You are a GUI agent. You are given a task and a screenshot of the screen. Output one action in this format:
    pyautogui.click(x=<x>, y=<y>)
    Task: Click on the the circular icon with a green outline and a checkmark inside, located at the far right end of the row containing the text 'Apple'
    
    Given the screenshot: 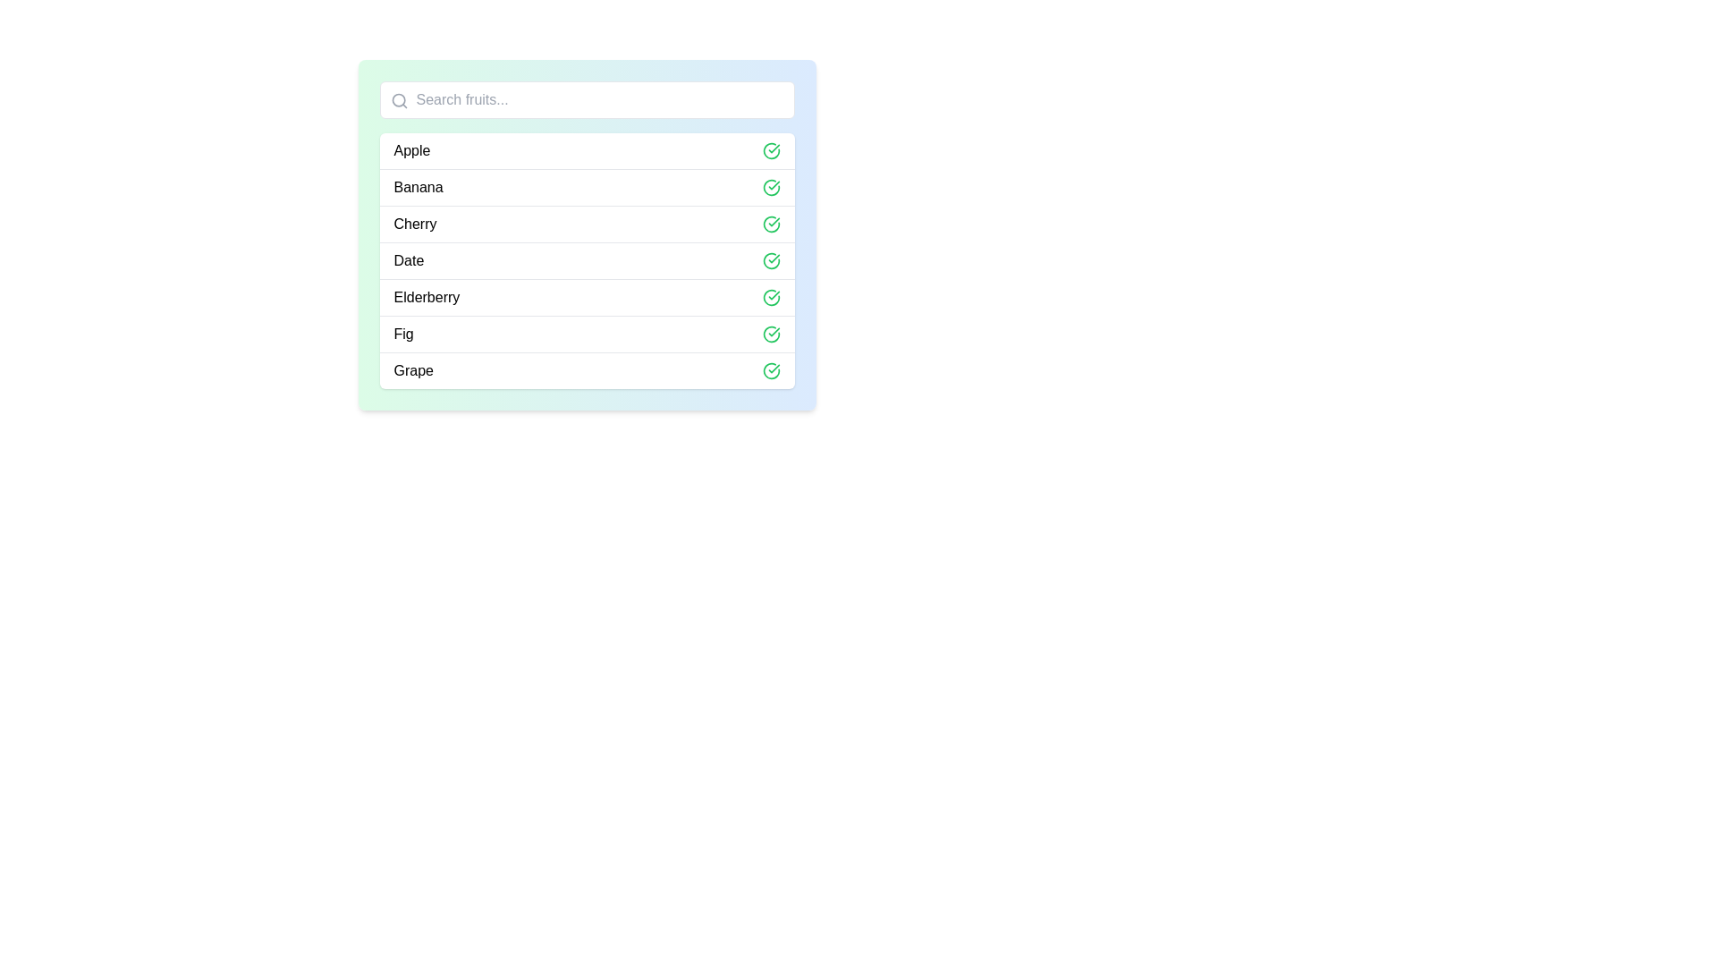 What is the action you would take?
    pyautogui.click(x=771, y=150)
    